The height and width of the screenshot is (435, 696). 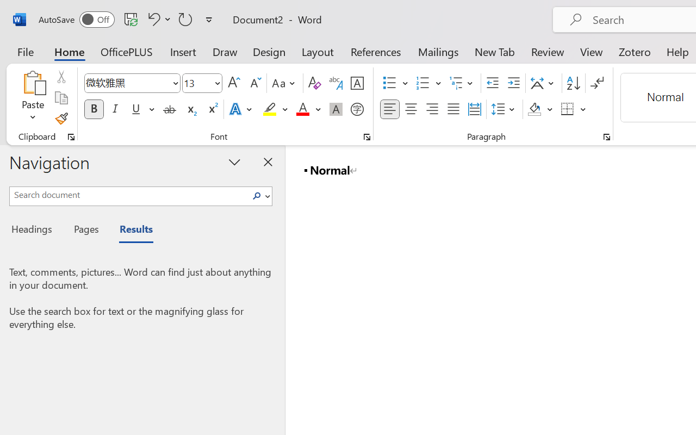 I want to click on 'Paste', so click(x=33, y=97).